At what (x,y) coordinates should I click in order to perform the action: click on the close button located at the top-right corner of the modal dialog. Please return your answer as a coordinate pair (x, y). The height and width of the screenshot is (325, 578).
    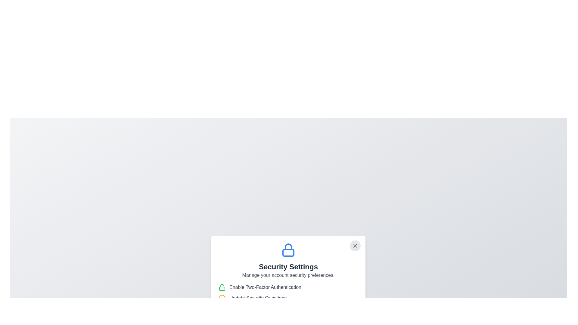
    Looking at the image, I should click on (355, 246).